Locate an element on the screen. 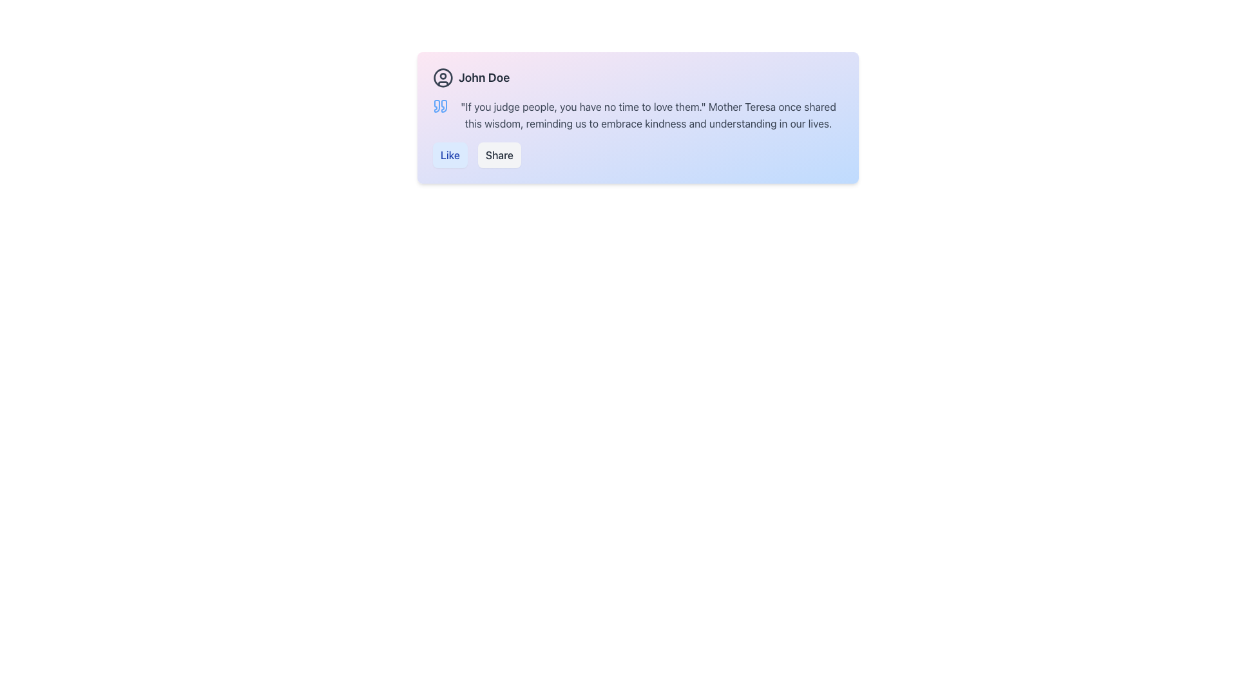  the share button located on the right side of the group of two buttons at the bottom of the card is located at coordinates (499, 154).